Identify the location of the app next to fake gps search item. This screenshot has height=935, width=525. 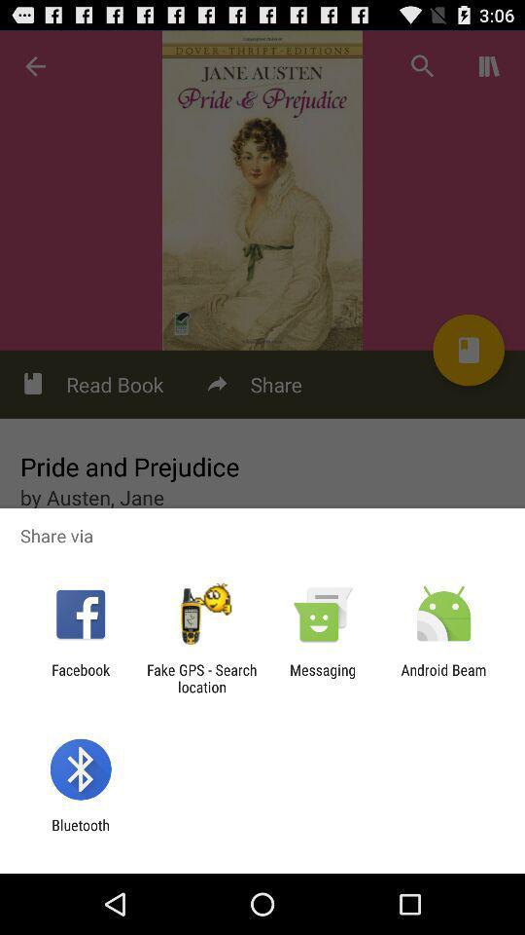
(323, 678).